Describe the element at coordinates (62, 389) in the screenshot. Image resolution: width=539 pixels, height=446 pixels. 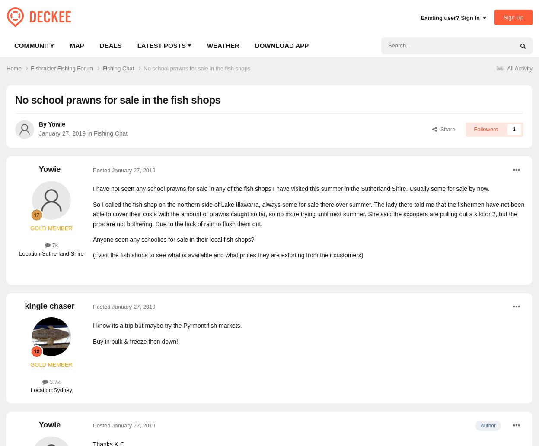
I see `'Sydney'` at that location.